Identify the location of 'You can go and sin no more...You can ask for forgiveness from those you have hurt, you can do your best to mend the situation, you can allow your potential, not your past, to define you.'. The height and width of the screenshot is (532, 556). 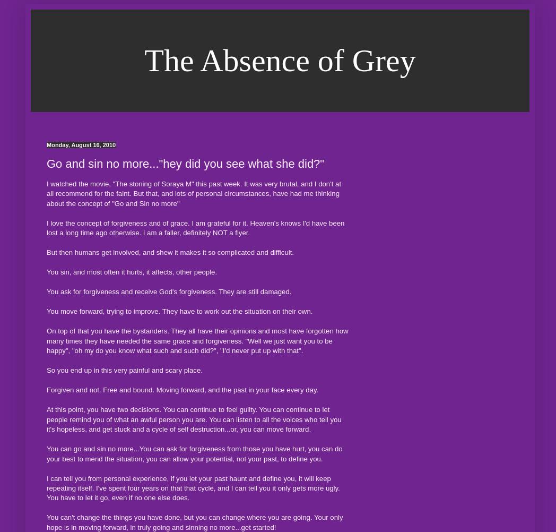
(194, 453).